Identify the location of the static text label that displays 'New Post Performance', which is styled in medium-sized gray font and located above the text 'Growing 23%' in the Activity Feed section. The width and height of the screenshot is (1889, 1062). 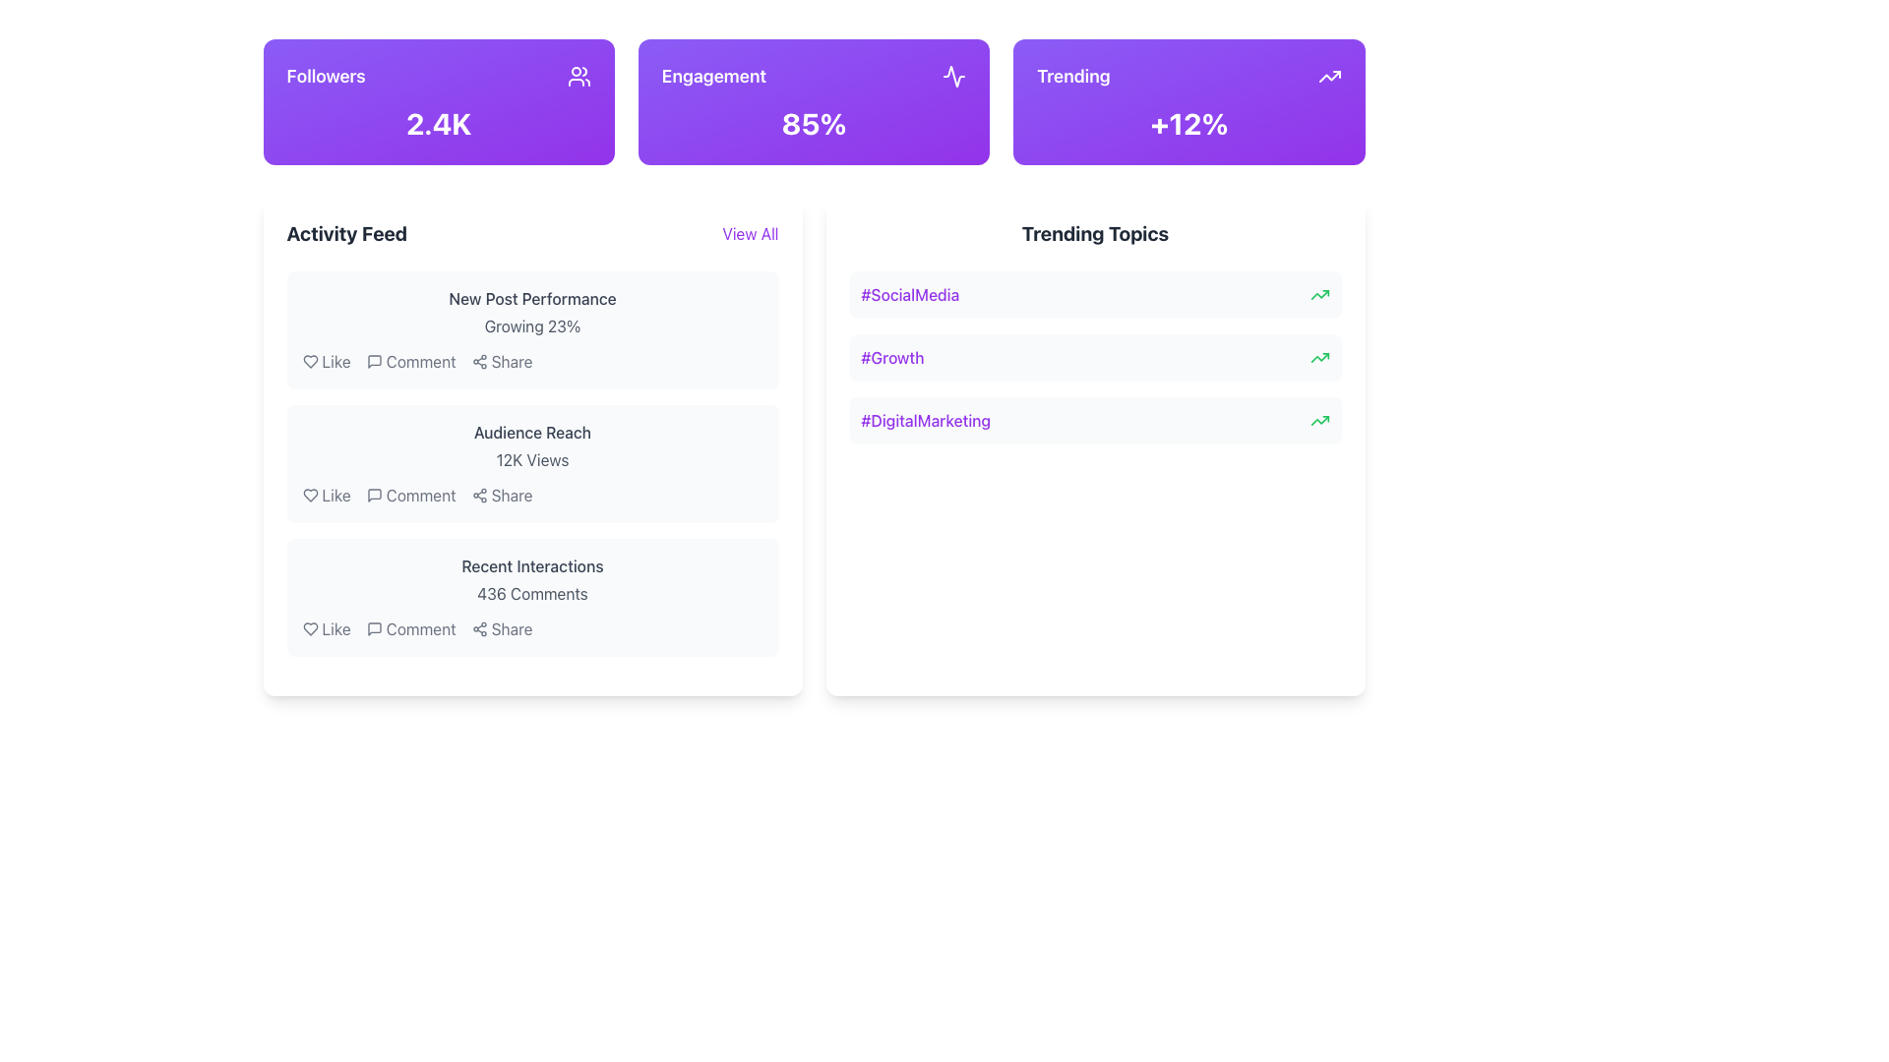
(532, 299).